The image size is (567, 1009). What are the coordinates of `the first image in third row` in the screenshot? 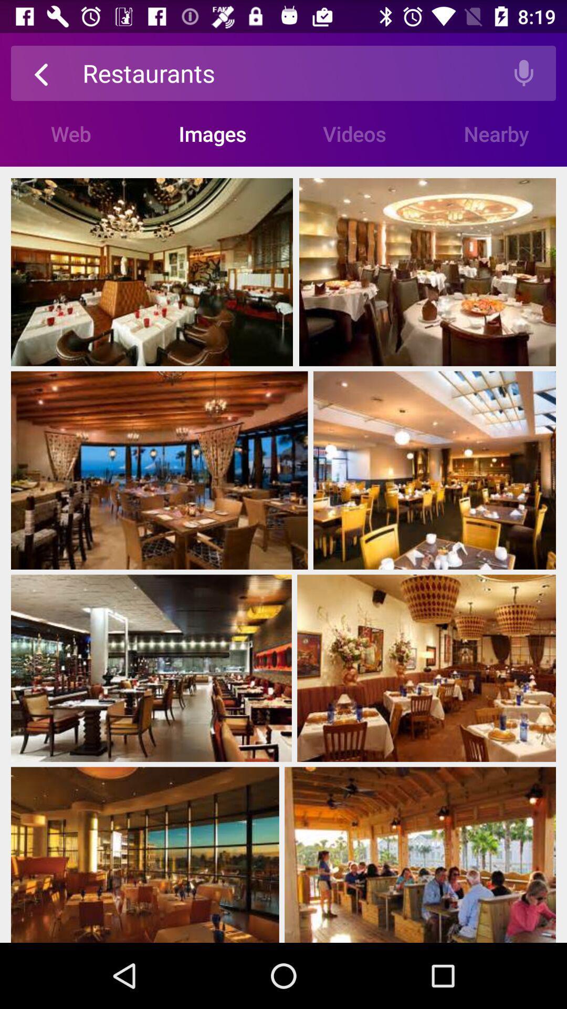 It's located at (151, 668).